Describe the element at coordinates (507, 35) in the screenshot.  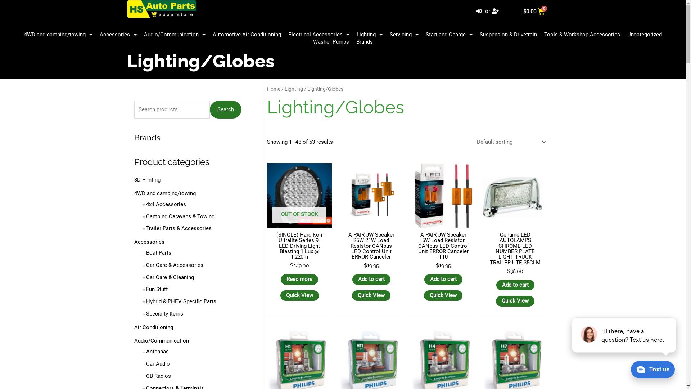
I see `'Suspension & Drivetrain'` at that location.